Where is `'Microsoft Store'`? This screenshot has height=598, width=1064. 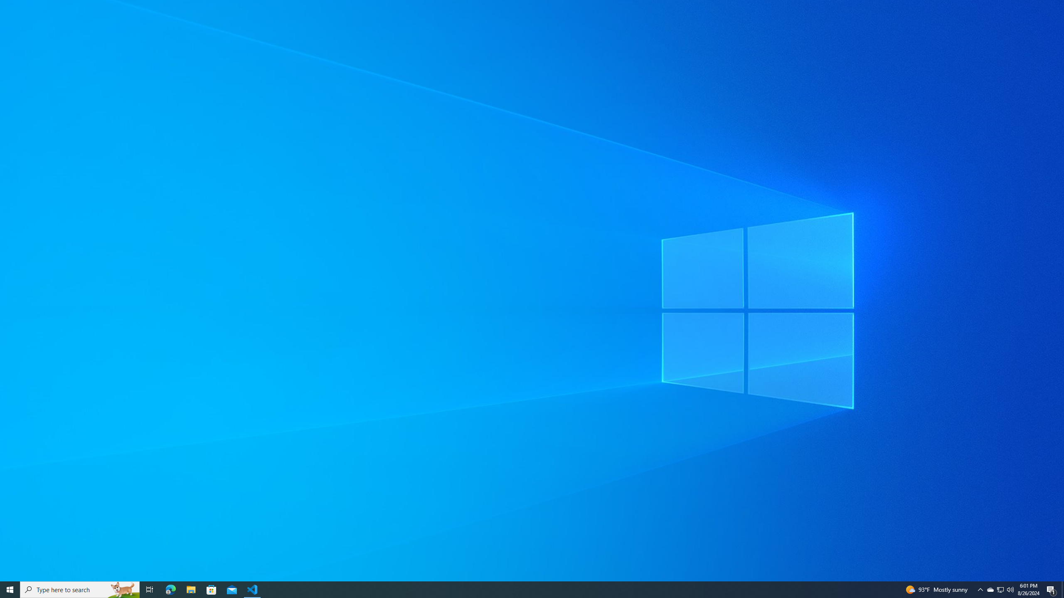
'Microsoft Store' is located at coordinates (212, 589).